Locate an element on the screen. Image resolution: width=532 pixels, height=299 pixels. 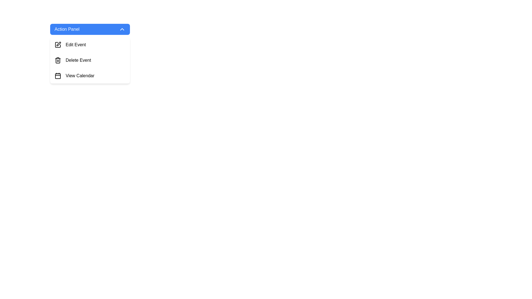
the toggle button at the top of the dropdown menu is located at coordinates (90, 29).